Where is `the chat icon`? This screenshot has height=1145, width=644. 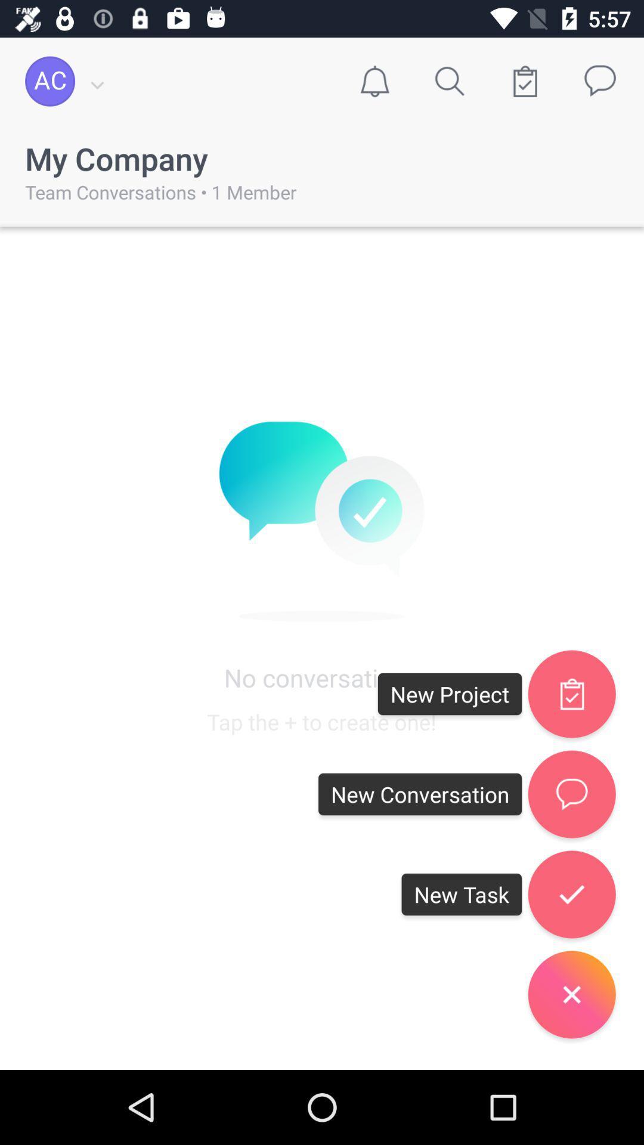 the chat icon is located at coordinates (571, 794).